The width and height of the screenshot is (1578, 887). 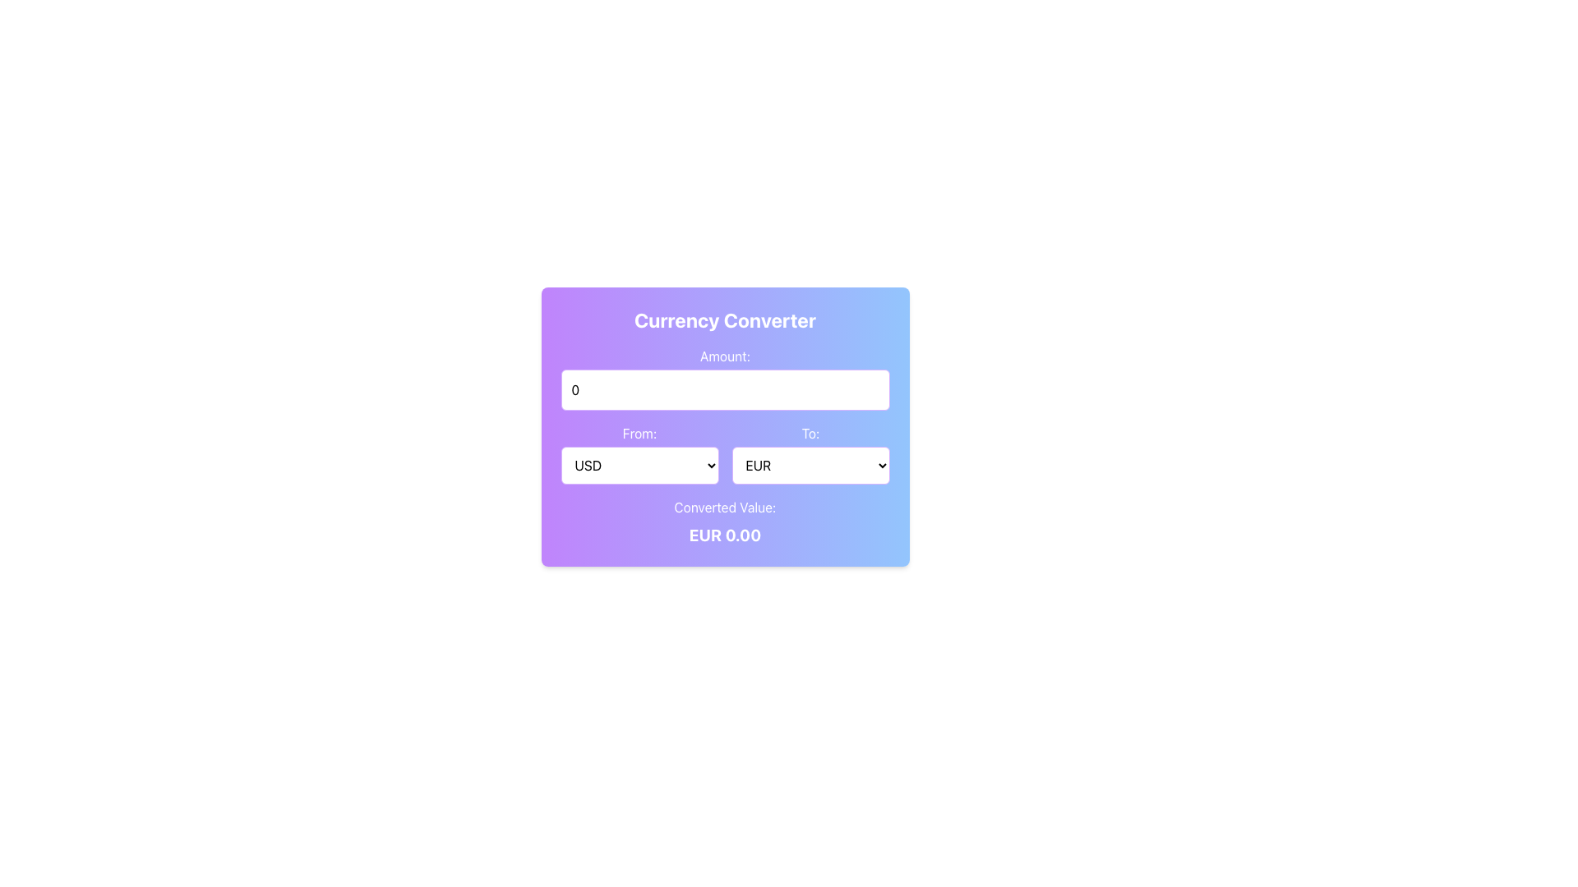 What do you see at coordinates (639, 433) in the screenshot?
I see `the Text Label that indicates the currency selection for the dropdown menu labeled 'USD', located in the middle-left portion of the modal` at bounding box center [639, 433].